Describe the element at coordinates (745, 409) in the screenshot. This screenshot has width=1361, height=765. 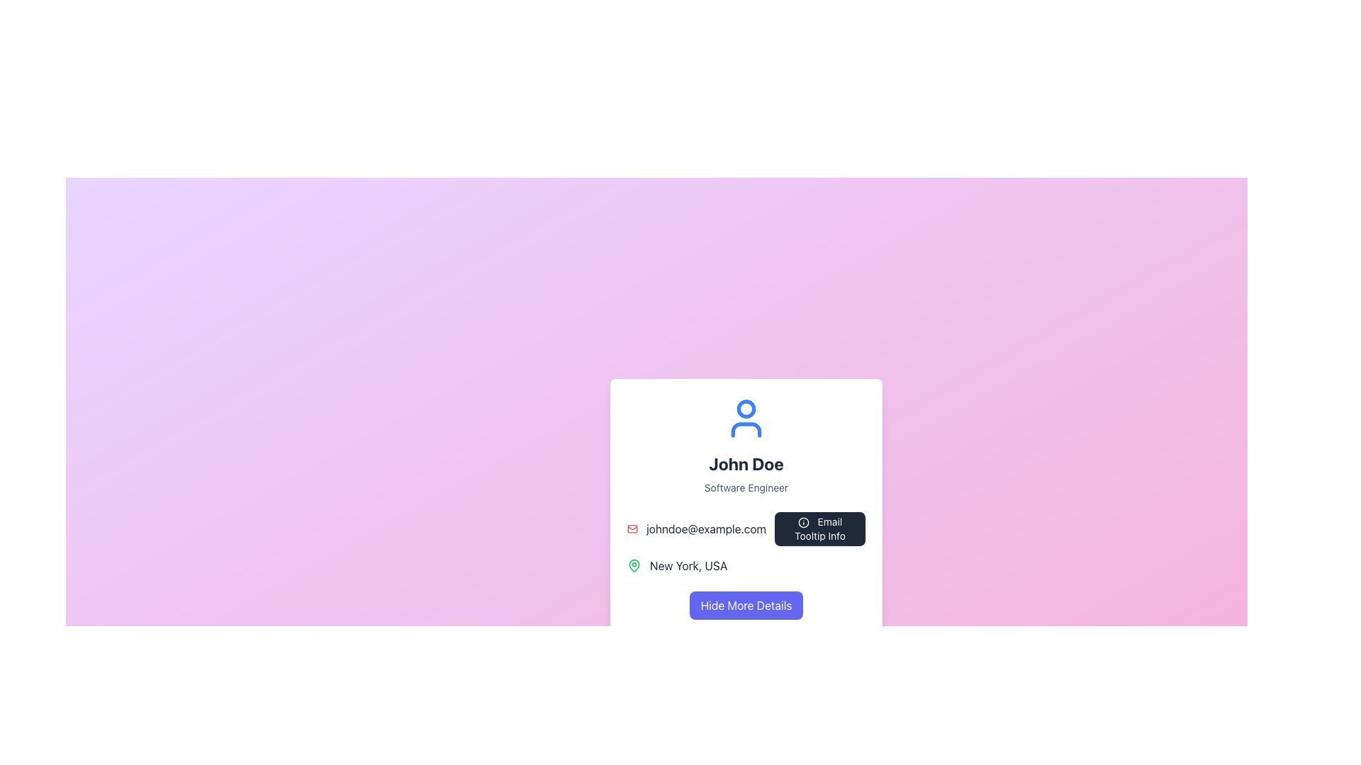
I see `the upper circular part of the user avatar icon, which visually represents a person, located at the center of the interface just above the user's name and description text` at that location.